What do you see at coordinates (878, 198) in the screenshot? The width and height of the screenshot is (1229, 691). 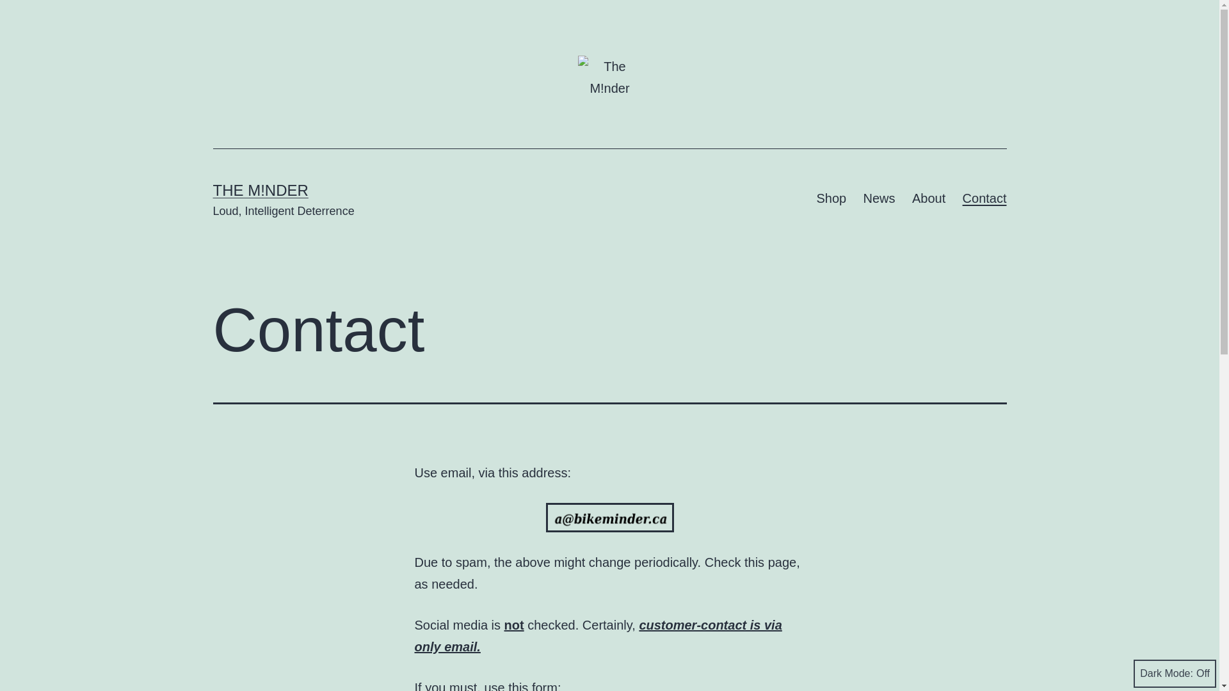 I see `'News'` at bounding box center [878, 198].